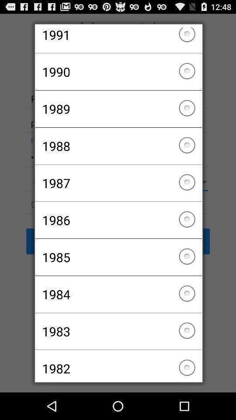  Describe the element at coordinates (118, 146) in the screenshot. I see `1988` at that location.